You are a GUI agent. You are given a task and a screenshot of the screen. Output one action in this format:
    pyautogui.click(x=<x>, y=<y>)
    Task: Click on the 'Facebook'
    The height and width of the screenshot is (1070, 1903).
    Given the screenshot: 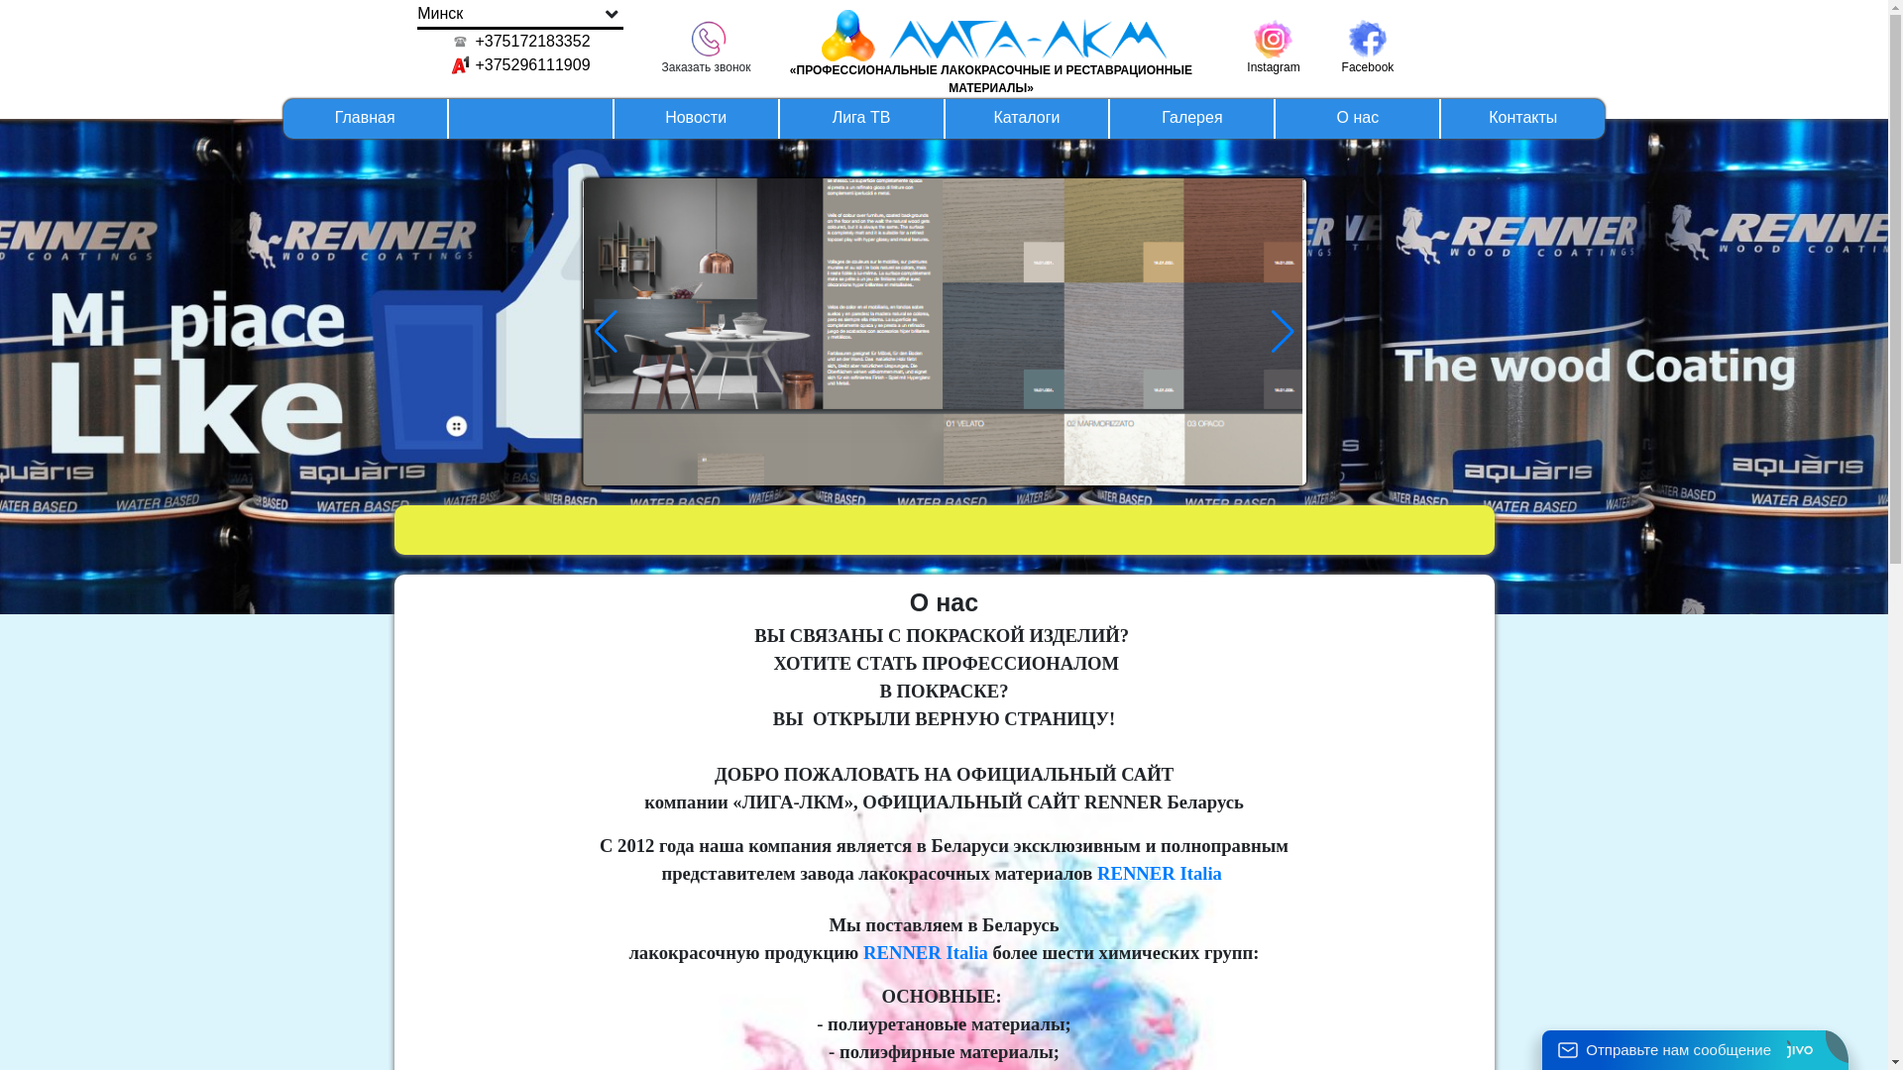 What is the action you would take?
    pyautogui.click(x=1366, y=38)
    